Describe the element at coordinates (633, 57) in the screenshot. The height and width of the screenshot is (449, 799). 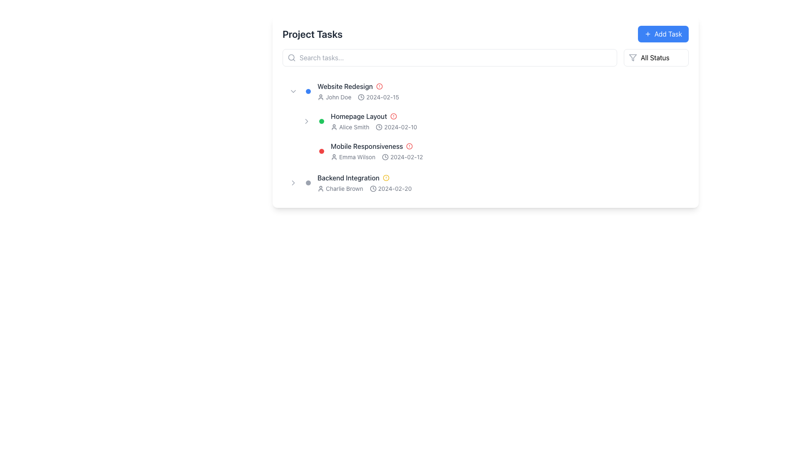
I see `the filtering icon located at the leftmost portion of the 'All Status' dropdown section, which serves as a visual cue for filtering tasks or statuses` at that location.